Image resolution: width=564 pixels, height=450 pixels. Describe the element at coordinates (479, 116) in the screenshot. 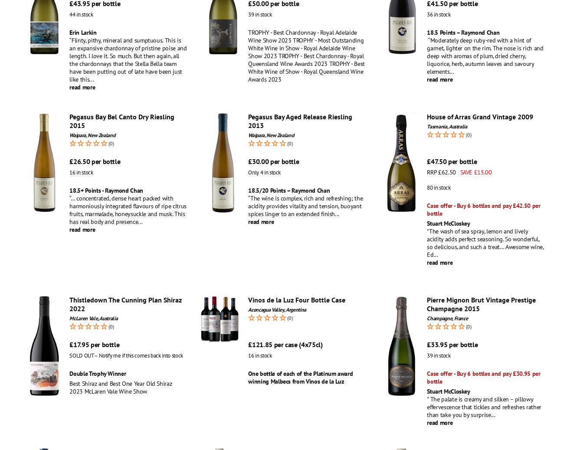

I see `'House of Arras Grand Vintage 2009'` at that location.